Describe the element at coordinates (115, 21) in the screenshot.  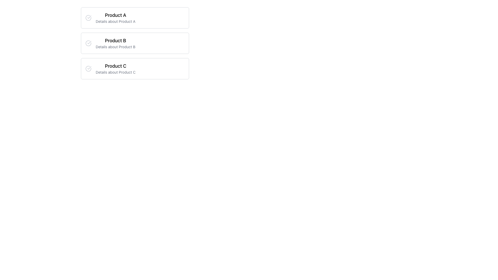
I see `the text label providing additional details about 'Product A', which is located directly below the product title` at that location.